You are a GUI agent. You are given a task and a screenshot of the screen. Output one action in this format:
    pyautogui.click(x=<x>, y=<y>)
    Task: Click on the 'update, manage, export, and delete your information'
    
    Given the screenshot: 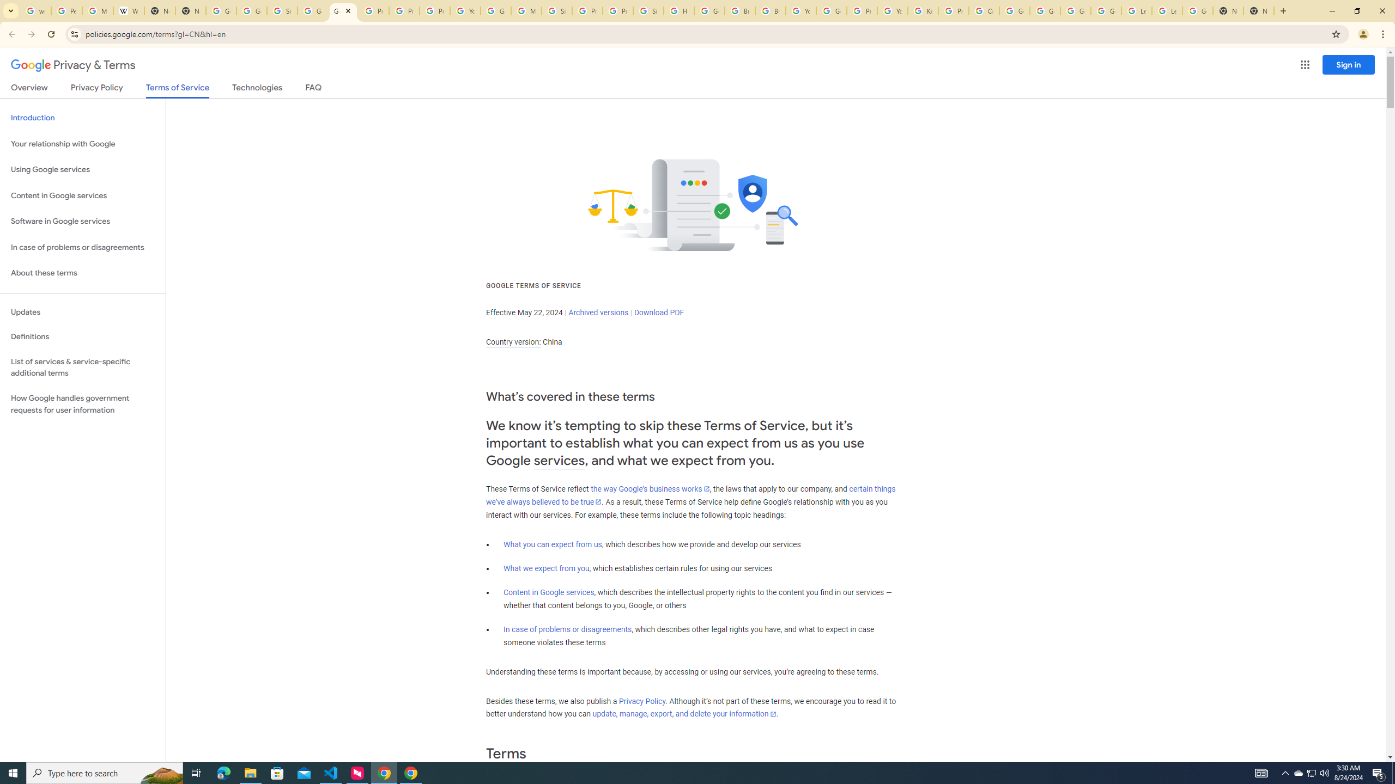 What is the action you would take?
    pyautogui.click(x=684, y=713)
    